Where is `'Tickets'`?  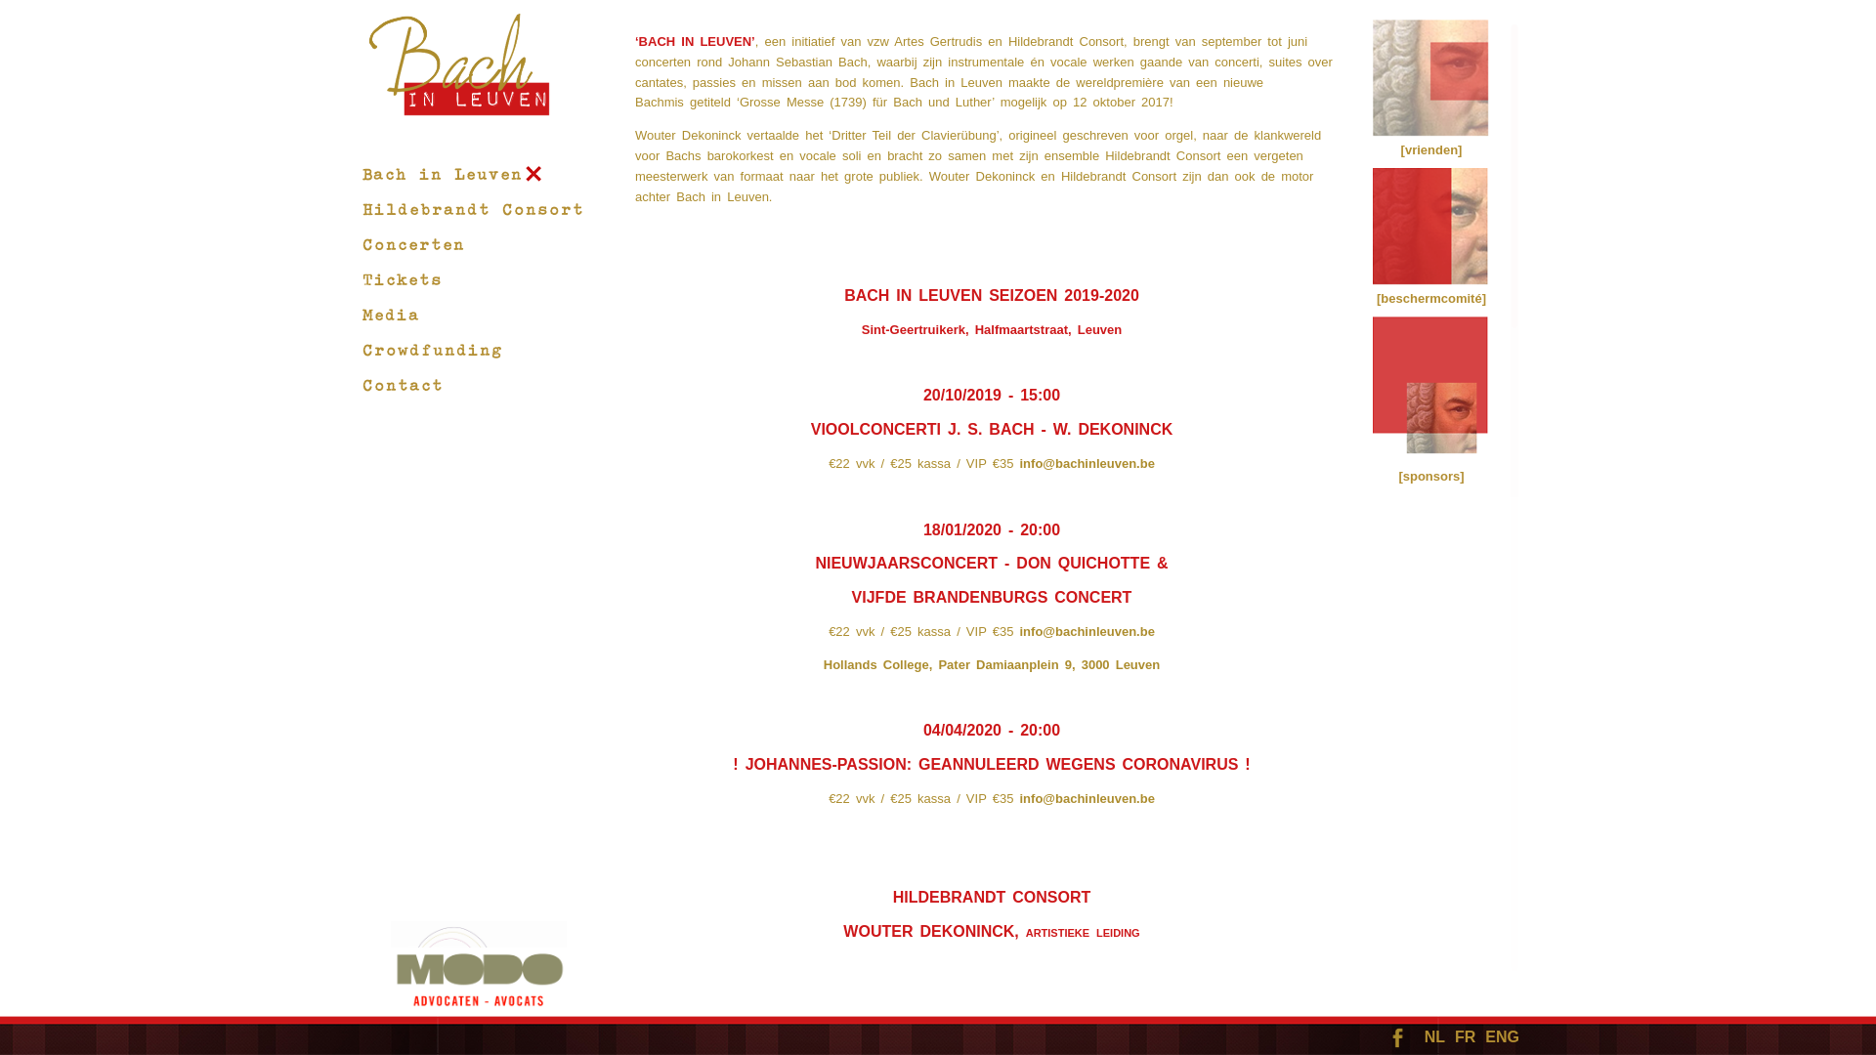
'Tickets' is located at coordinates (361, 278).